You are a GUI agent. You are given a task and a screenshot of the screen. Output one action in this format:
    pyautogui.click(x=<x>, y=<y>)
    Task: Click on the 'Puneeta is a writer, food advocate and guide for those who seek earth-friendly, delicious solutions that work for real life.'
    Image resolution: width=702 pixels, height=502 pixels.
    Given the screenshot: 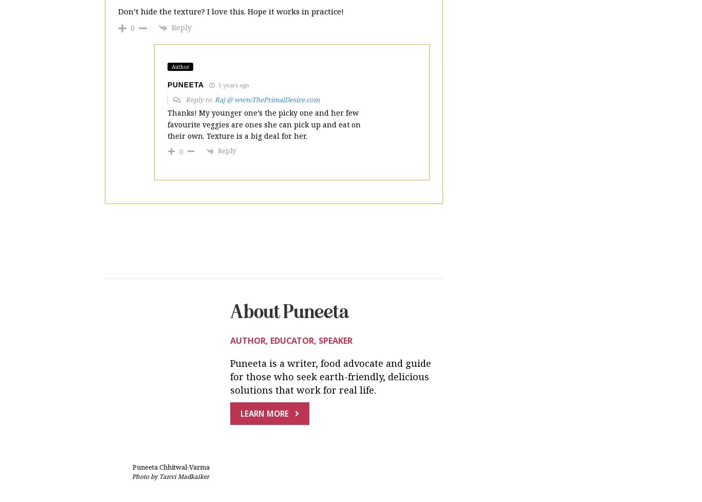 What is the action you would take?
    pyautogui.click(x=330, y=291)
    